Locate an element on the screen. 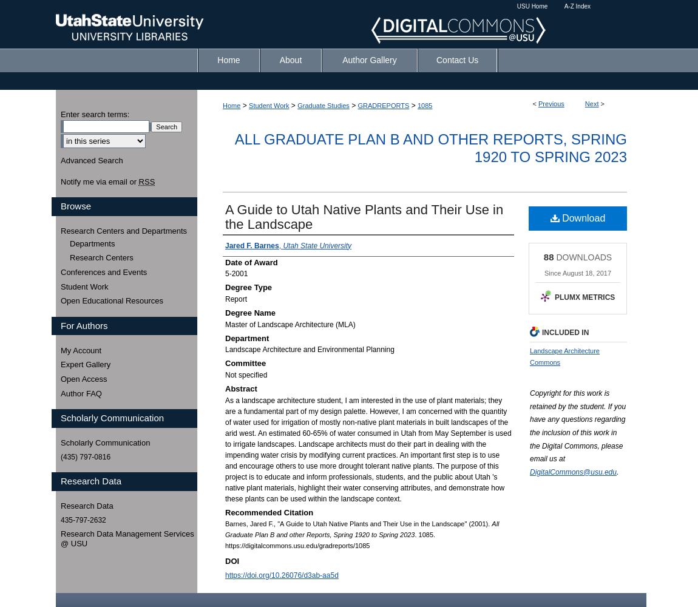  'Master of Landscape Architecture (MLA)' is located at coordinates (225, 324).